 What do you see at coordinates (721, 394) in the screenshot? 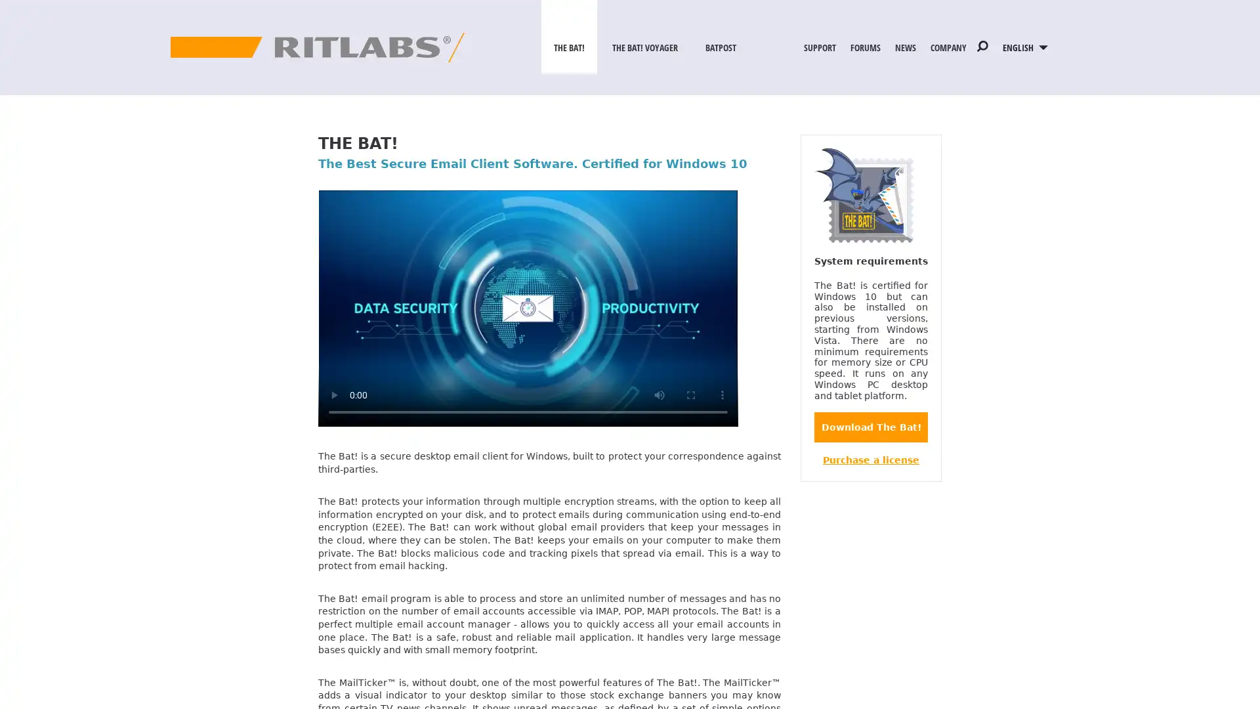
I see `show more media controls` at bounding box center [721, 394].